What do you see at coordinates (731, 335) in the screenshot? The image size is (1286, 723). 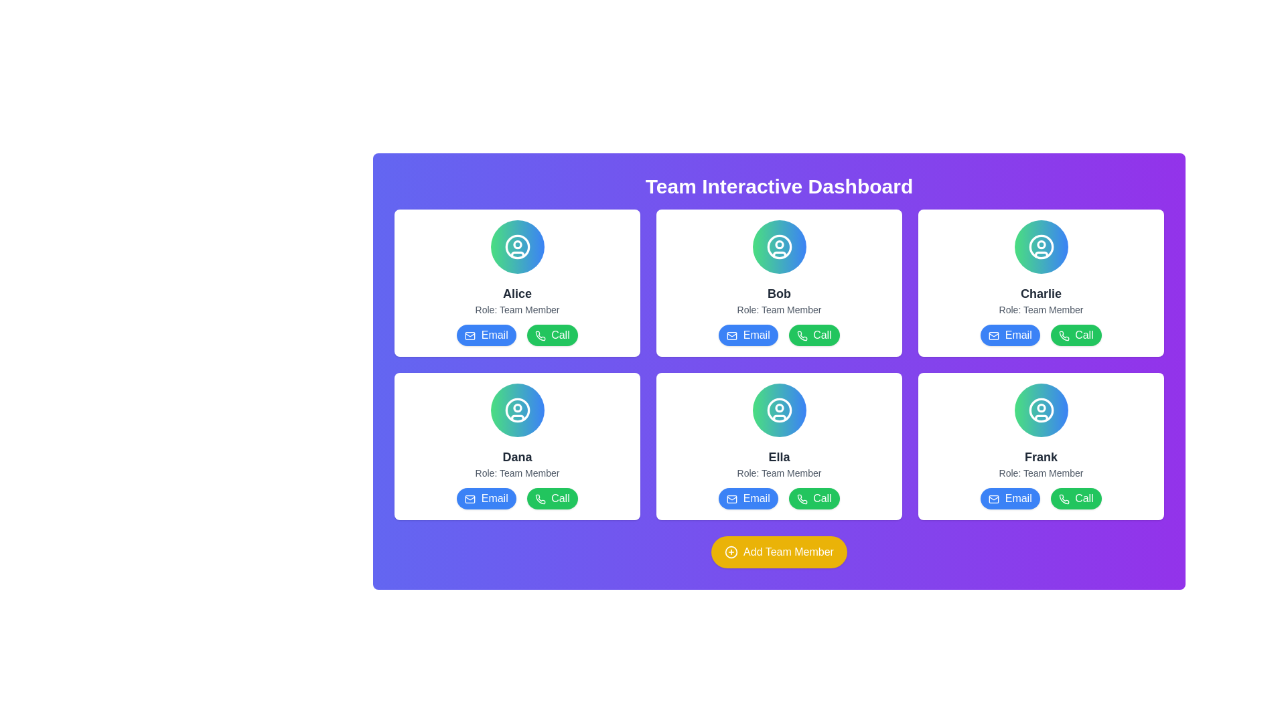 I see `the 'Email' button located under Bob's profile in the Team Interactive Dashboard to initiate an email` at bounding box center [731, 335].